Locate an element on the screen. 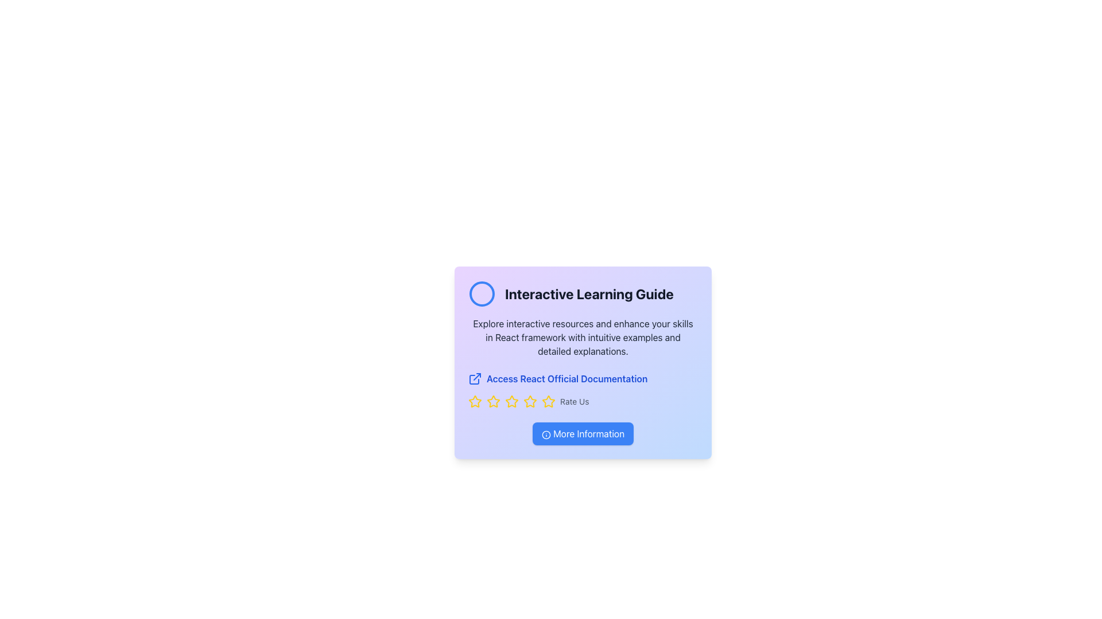 The height and width of the screenshot is (619, 1102). the sixth star-shaped icon with a yellow border to rate it, located below the 'Interactive Learning Guide' section is located at coordinates (530, 401).